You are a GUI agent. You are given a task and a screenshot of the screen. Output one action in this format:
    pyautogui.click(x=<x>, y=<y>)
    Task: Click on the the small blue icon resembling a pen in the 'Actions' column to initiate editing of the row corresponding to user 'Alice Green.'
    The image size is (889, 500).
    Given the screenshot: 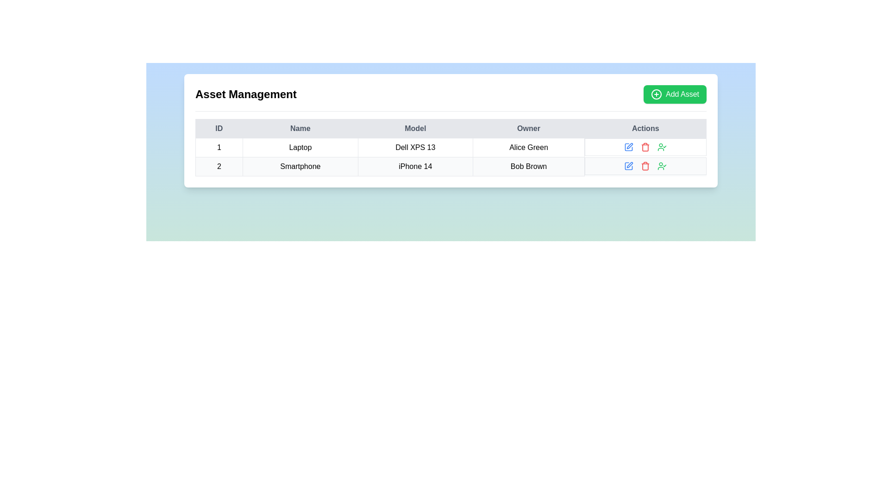 What is the action you would take?
    pyautogui.click(x=629, y=146)
    